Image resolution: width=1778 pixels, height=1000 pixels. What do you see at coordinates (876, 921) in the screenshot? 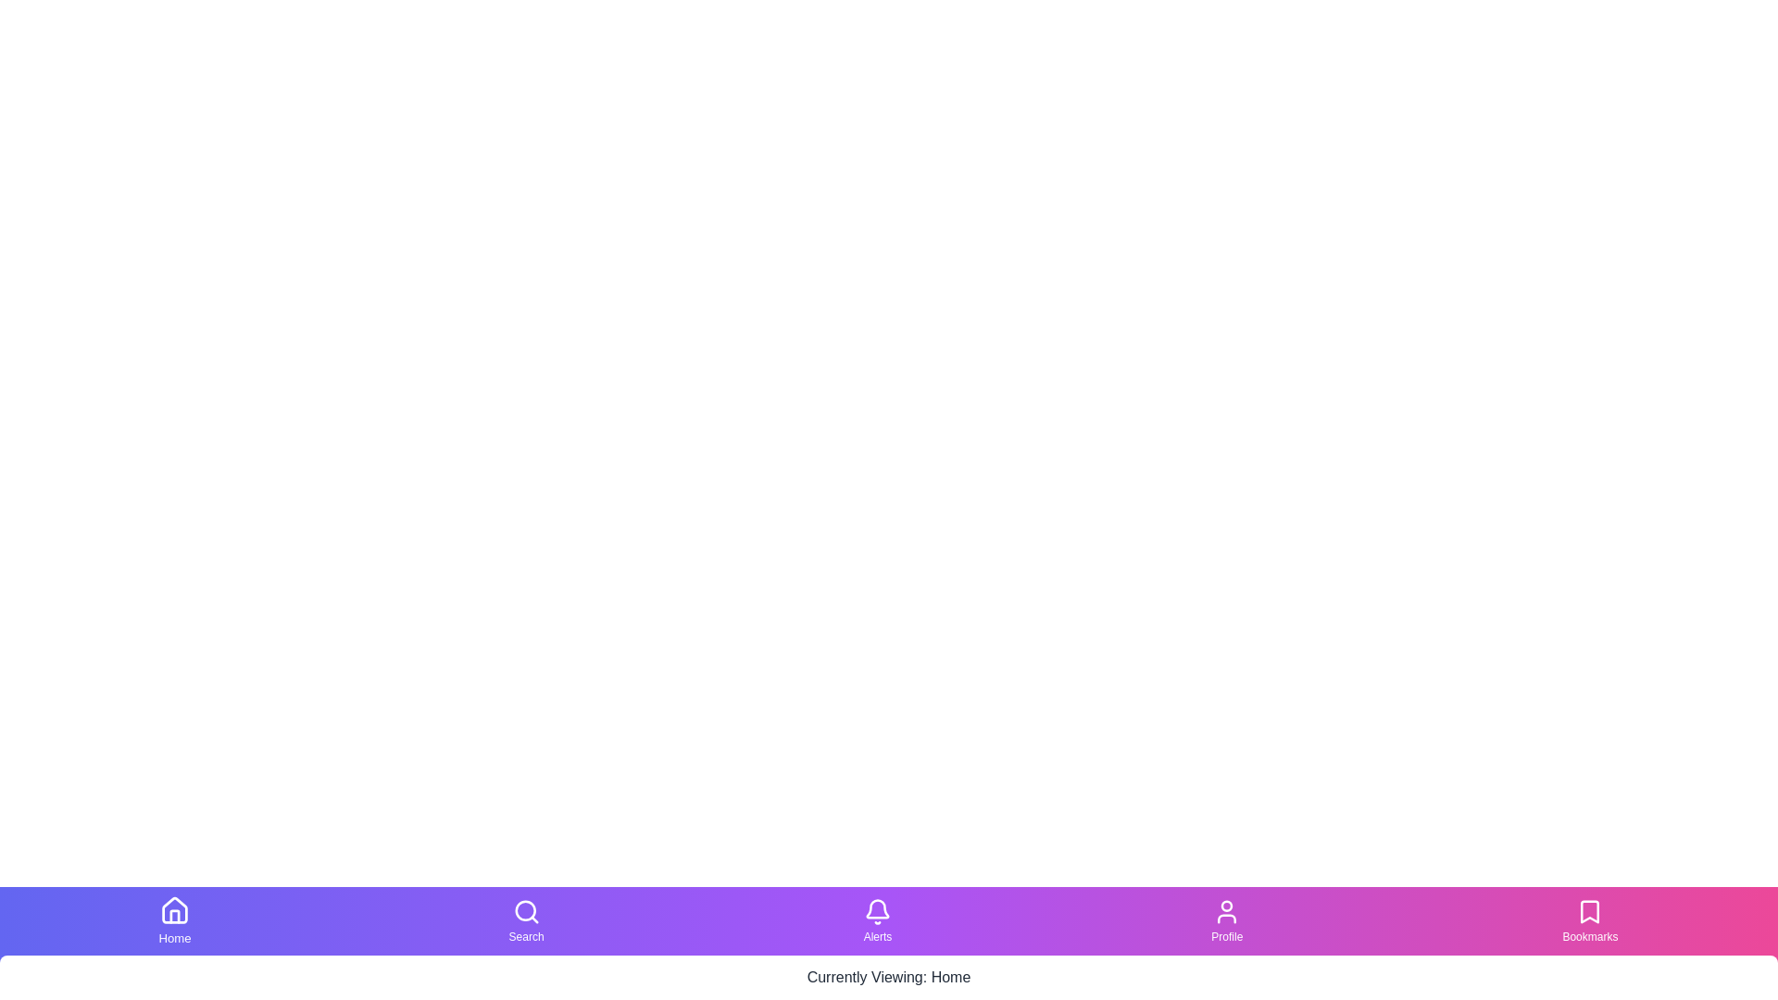
I see `the Alerts tab` at bounding box center [876, 921].